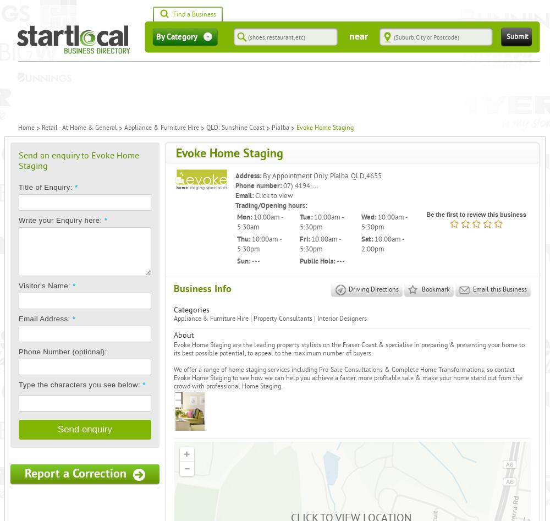 The width and height of the screenshot is (550, 521). What do you see at coordinates (235, 128) in the screenshot?
I see `'QLD: Sunshine Coast'` at bounding box center [235, 128].